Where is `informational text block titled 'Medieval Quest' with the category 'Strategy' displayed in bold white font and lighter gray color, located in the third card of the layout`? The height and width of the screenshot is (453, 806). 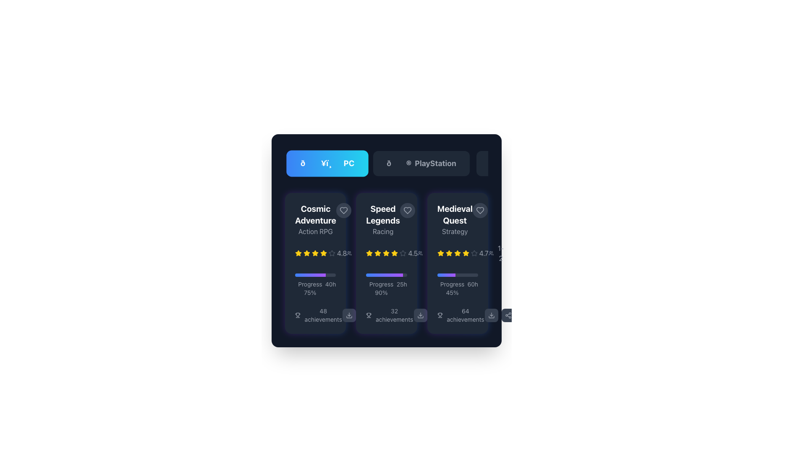
informational text block titled 'Medieval Quest' with the category 'Strategy' displayed in bold white font and lighter gray color, located in the third card of the layout is located at coordinates (457, 219).